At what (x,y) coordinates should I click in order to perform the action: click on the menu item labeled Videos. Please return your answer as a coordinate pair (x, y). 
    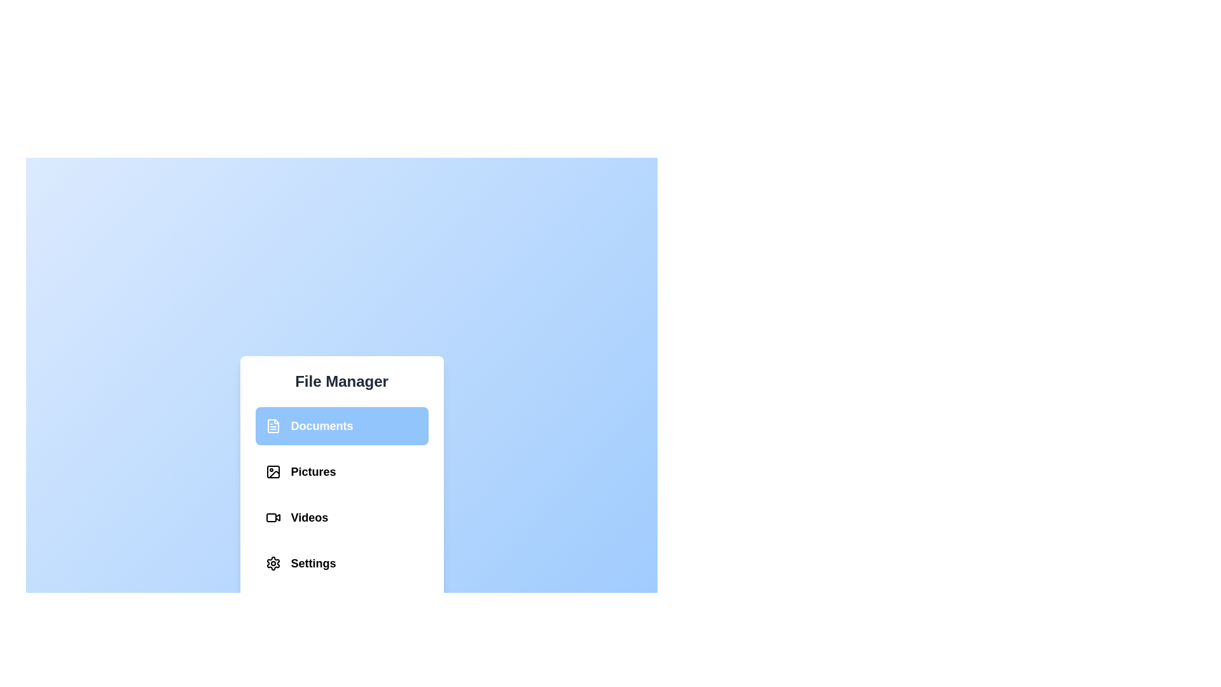
    Looking at the image, I should click on (341, 517).